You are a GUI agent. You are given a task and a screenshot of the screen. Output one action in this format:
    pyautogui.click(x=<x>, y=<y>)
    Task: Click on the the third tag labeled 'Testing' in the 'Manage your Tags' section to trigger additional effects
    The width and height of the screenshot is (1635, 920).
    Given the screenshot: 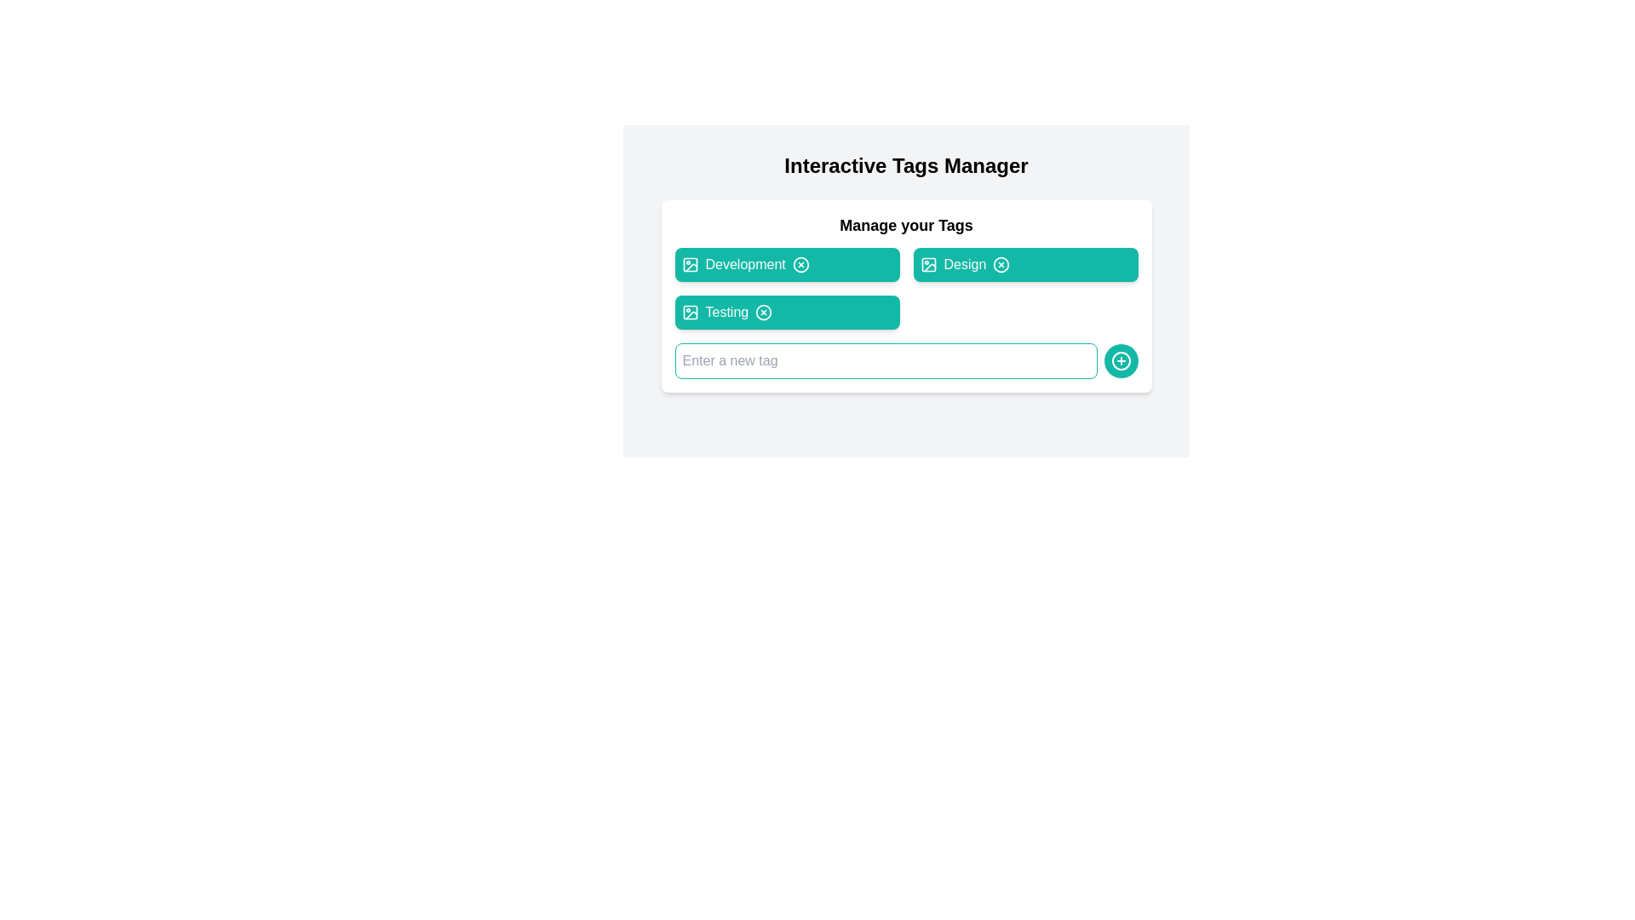 What is the action you would take?
    pyautogui.click(x=726, y=312)
    